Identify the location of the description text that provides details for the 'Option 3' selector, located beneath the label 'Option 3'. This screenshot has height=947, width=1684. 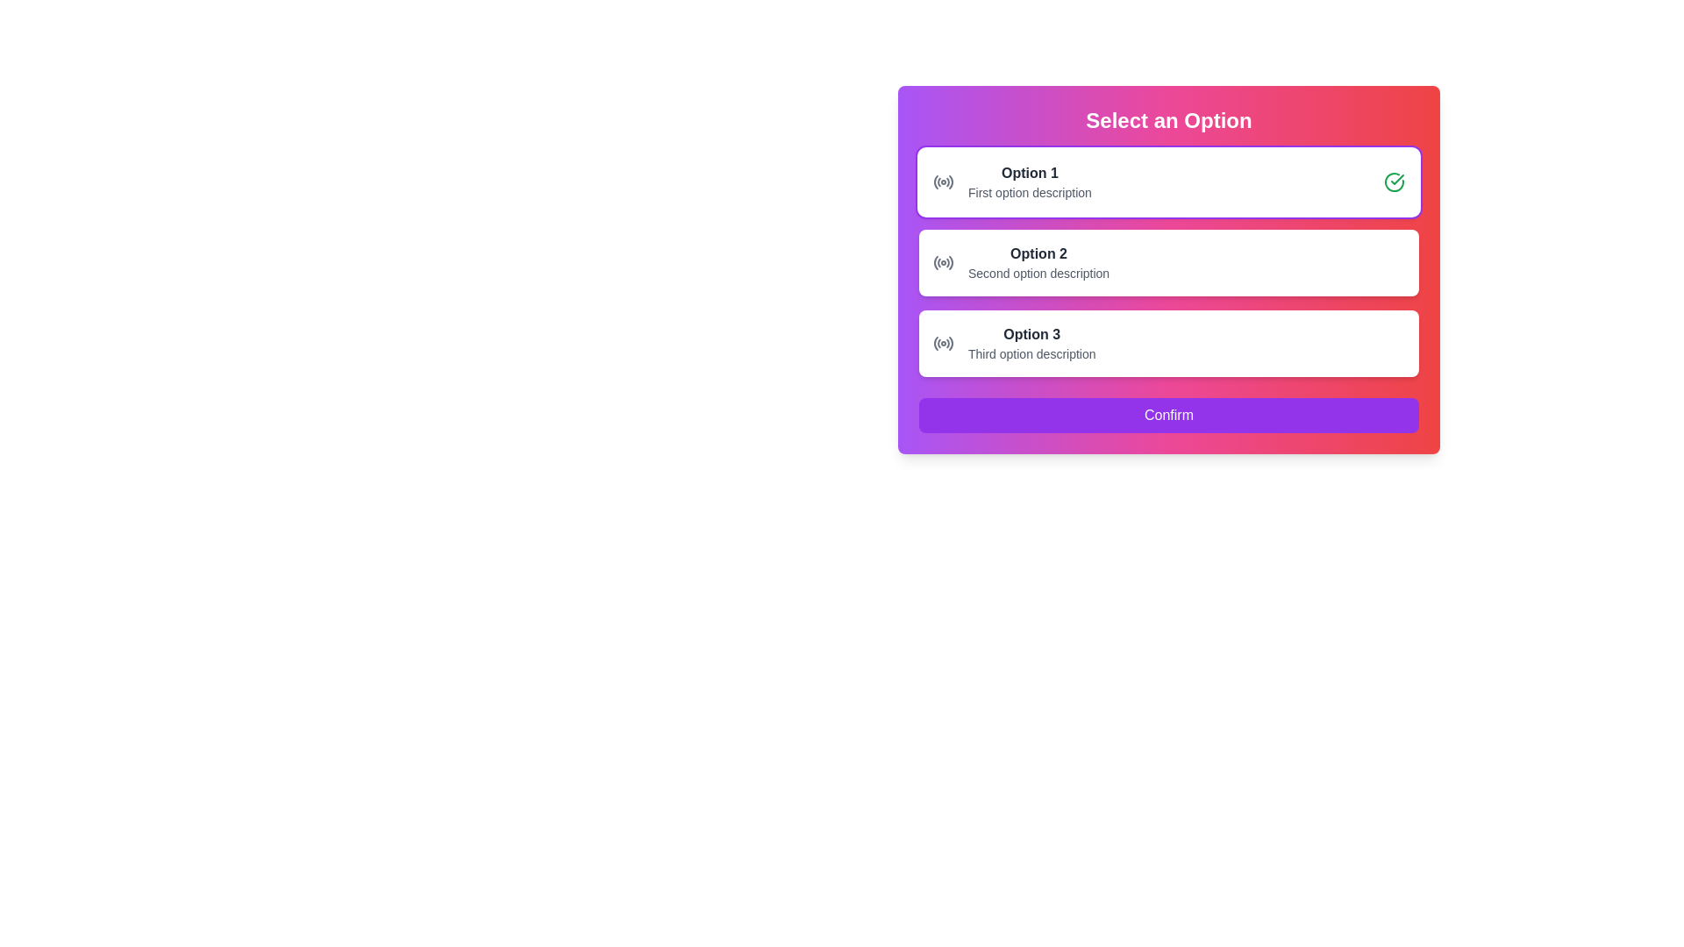
(1031, 354).